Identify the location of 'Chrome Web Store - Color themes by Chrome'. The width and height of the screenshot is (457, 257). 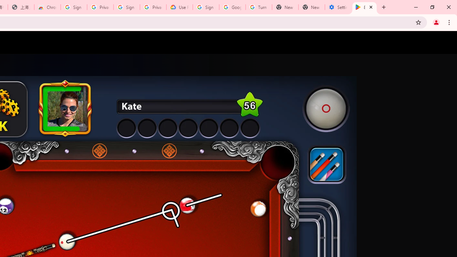
(47, 7).